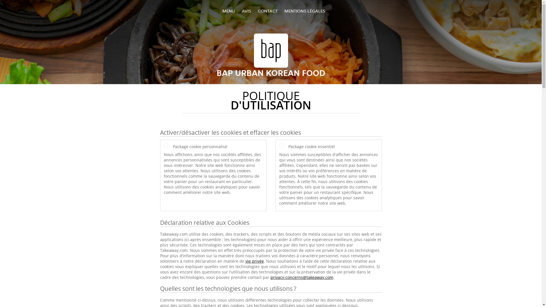 The width and height of the screenshot is (546, 307). What do you see at coordinates (267, 11) in the screenshot?
I see `'CONTACT'` at bounding box center [267, 11].